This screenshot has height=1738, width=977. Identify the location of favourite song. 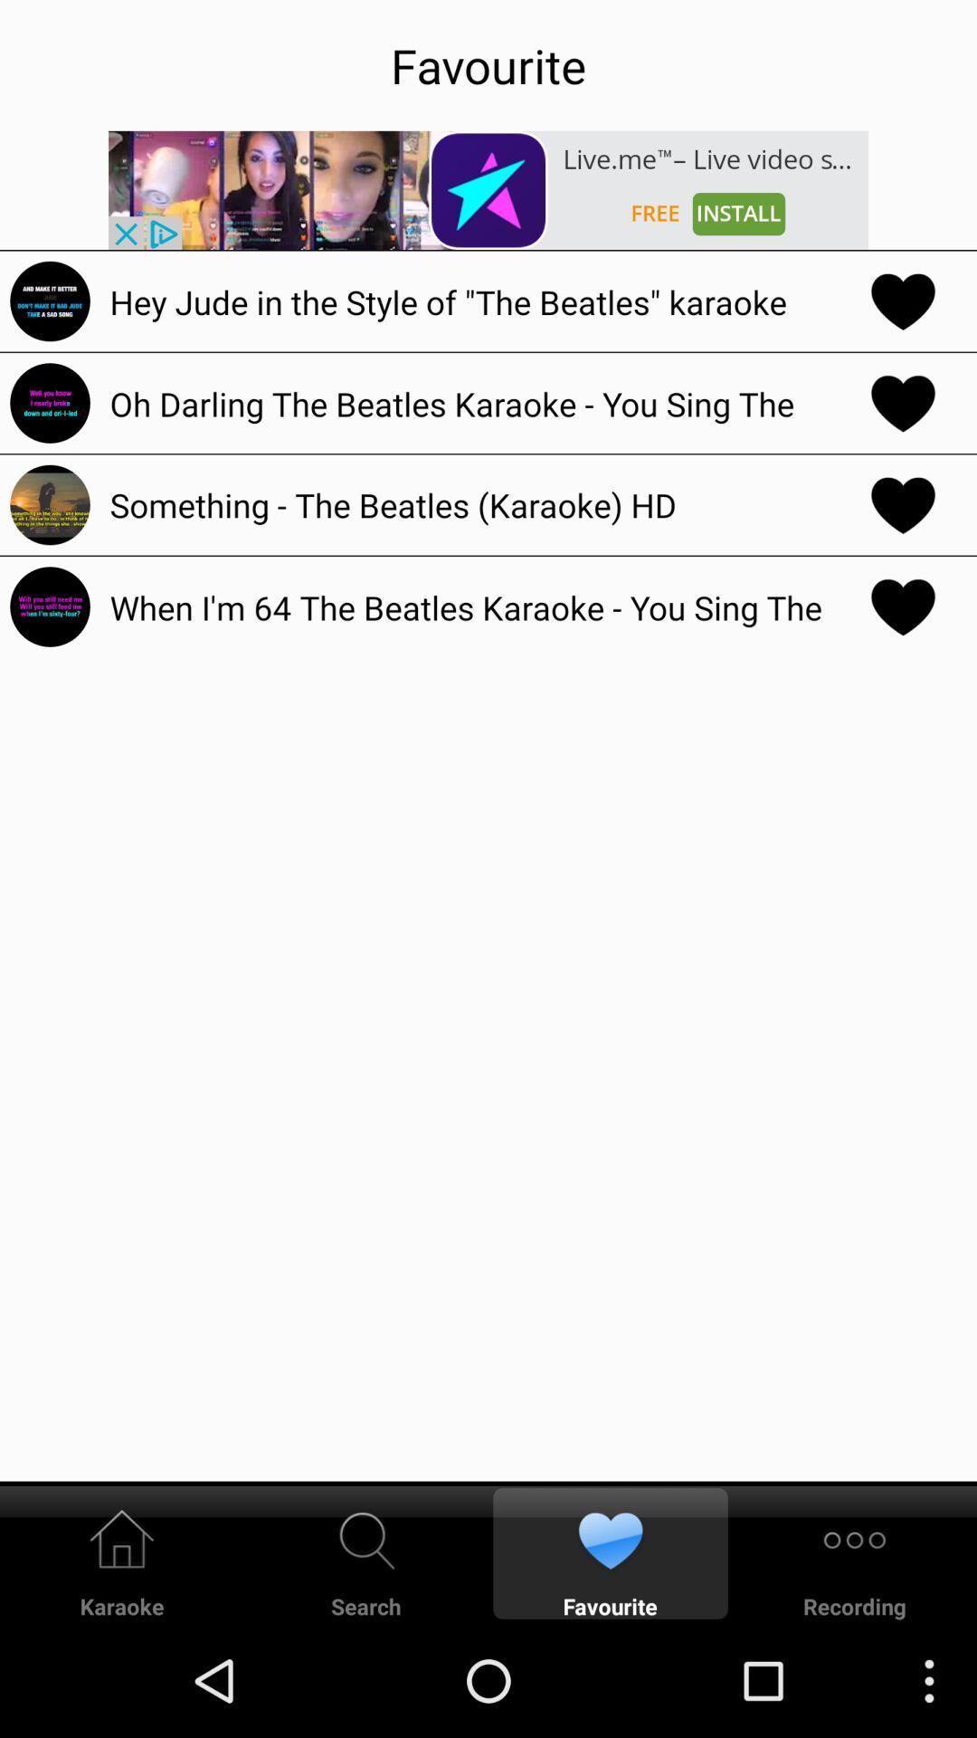
(903, 301).